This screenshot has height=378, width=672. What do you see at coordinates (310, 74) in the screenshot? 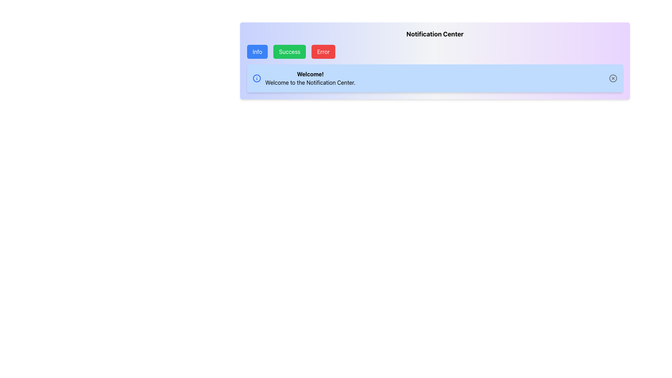
I see `bold text saying 'Welcome!' located in the upper-left side of the light blue box above the smaller text 'Welcome to the Notification Center.'` at bounding box center [310, 74].